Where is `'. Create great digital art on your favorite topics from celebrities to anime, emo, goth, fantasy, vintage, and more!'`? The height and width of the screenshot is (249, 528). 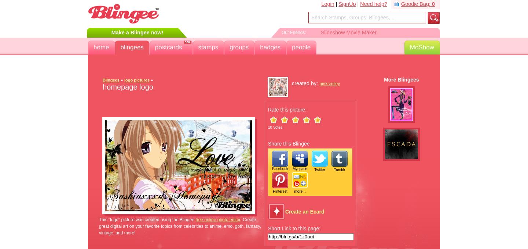
'. Create great digital art on your favorite topics from celebrities to anime, emo, goth, fantasy, vintage, and more!' is located at coordinates (99, 226).